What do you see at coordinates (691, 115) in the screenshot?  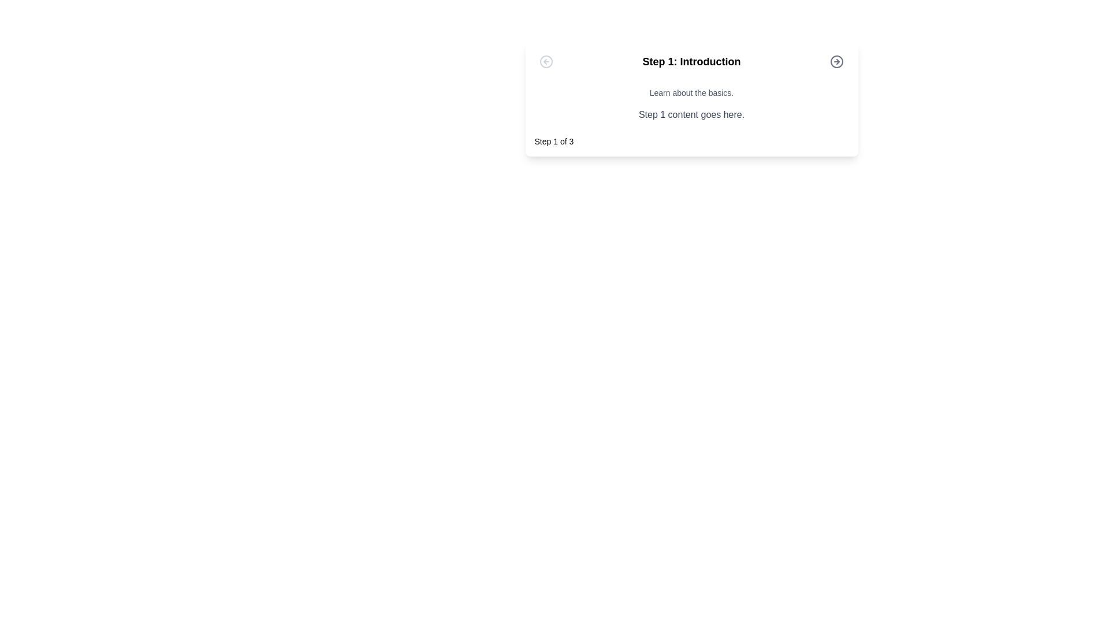 I see `the text block containing 'Step 1 content goes here.' which is styled in gray and positioned below 'Learn about the basics.'` at bounding box center [691, 115].